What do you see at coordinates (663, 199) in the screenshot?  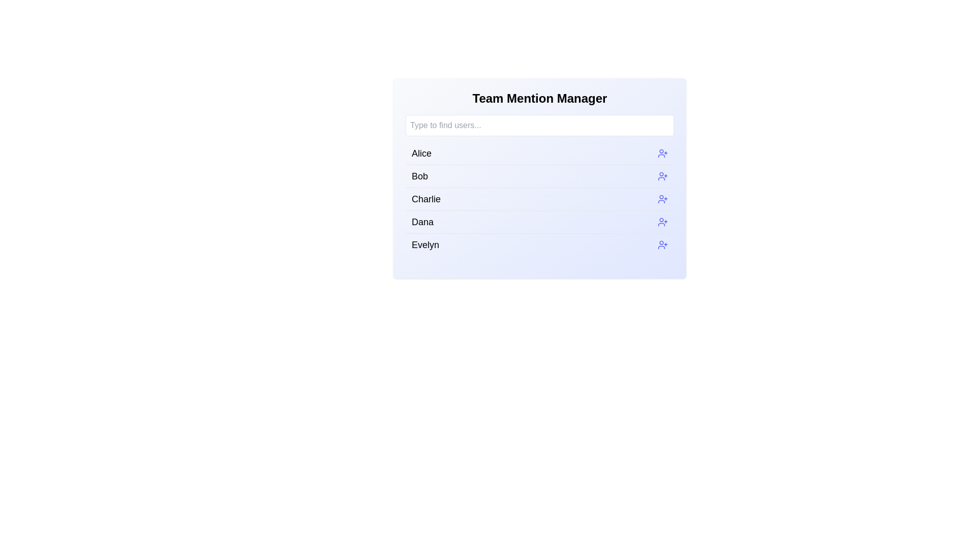 I see `the button located at the far right end of the row corresponding to 'Charlie'` at bounding box center [663, 199].